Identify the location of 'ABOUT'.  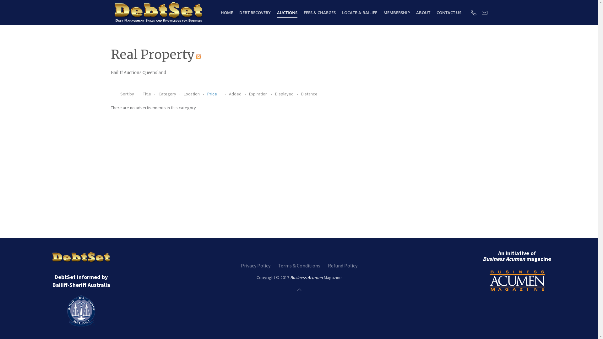
(423, 12).